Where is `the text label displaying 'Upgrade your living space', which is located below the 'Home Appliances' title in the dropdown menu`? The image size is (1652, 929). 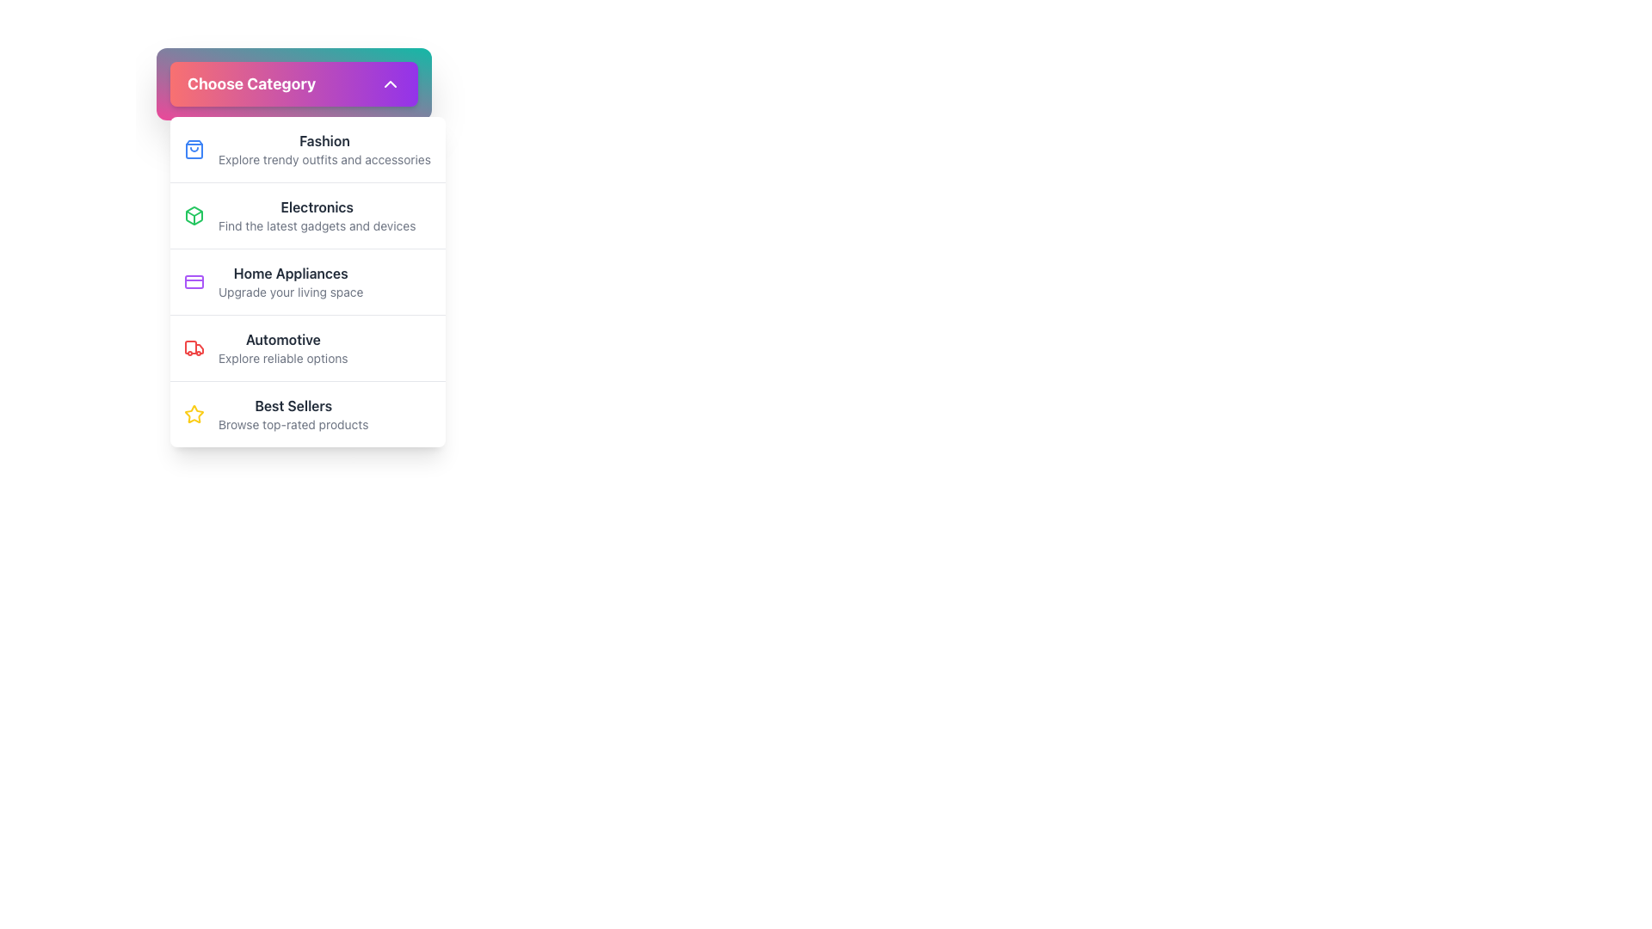
the text label displaying 'Upgrade your living space', which is located below the 'Home Appliances' title in the dropdown menu is located at coordinates (291, 291).